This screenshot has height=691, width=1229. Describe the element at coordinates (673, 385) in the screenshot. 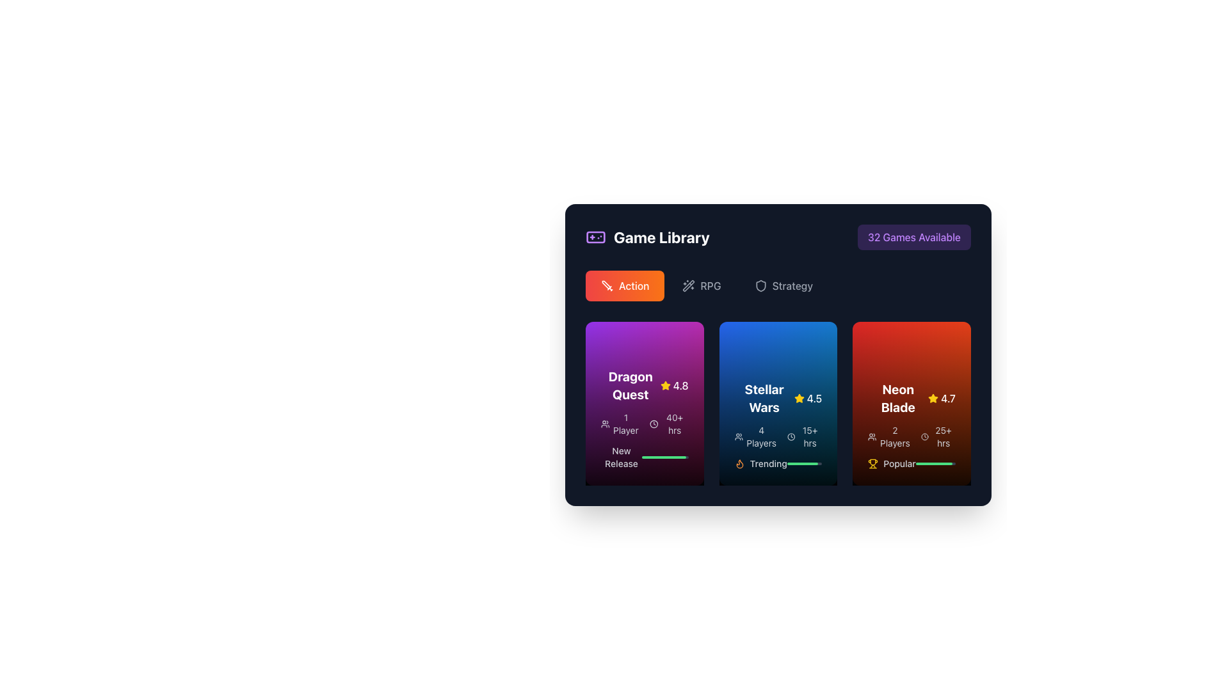

I see `the rating value of the 'Dragon Quest' card, indicated by the yellow star icon and the numerical value '4.8' in white font located at the top-right section` at that location.